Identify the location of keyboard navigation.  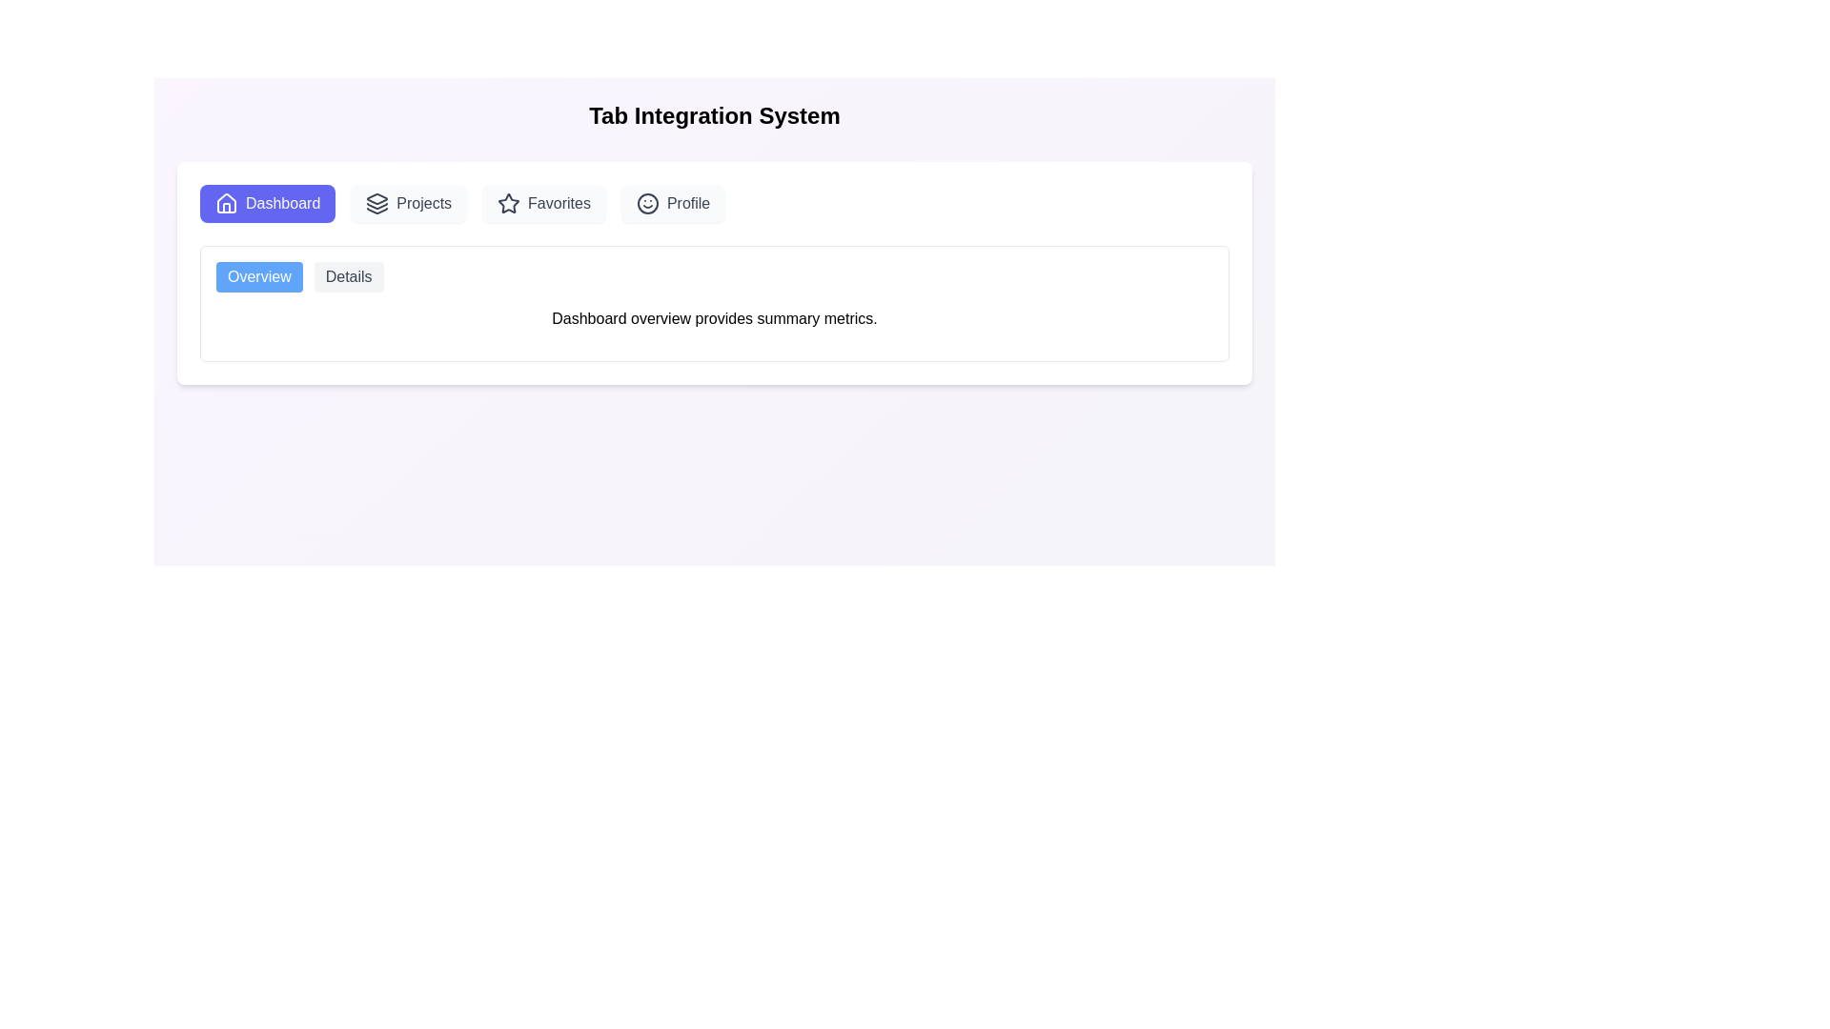
(673, 203).